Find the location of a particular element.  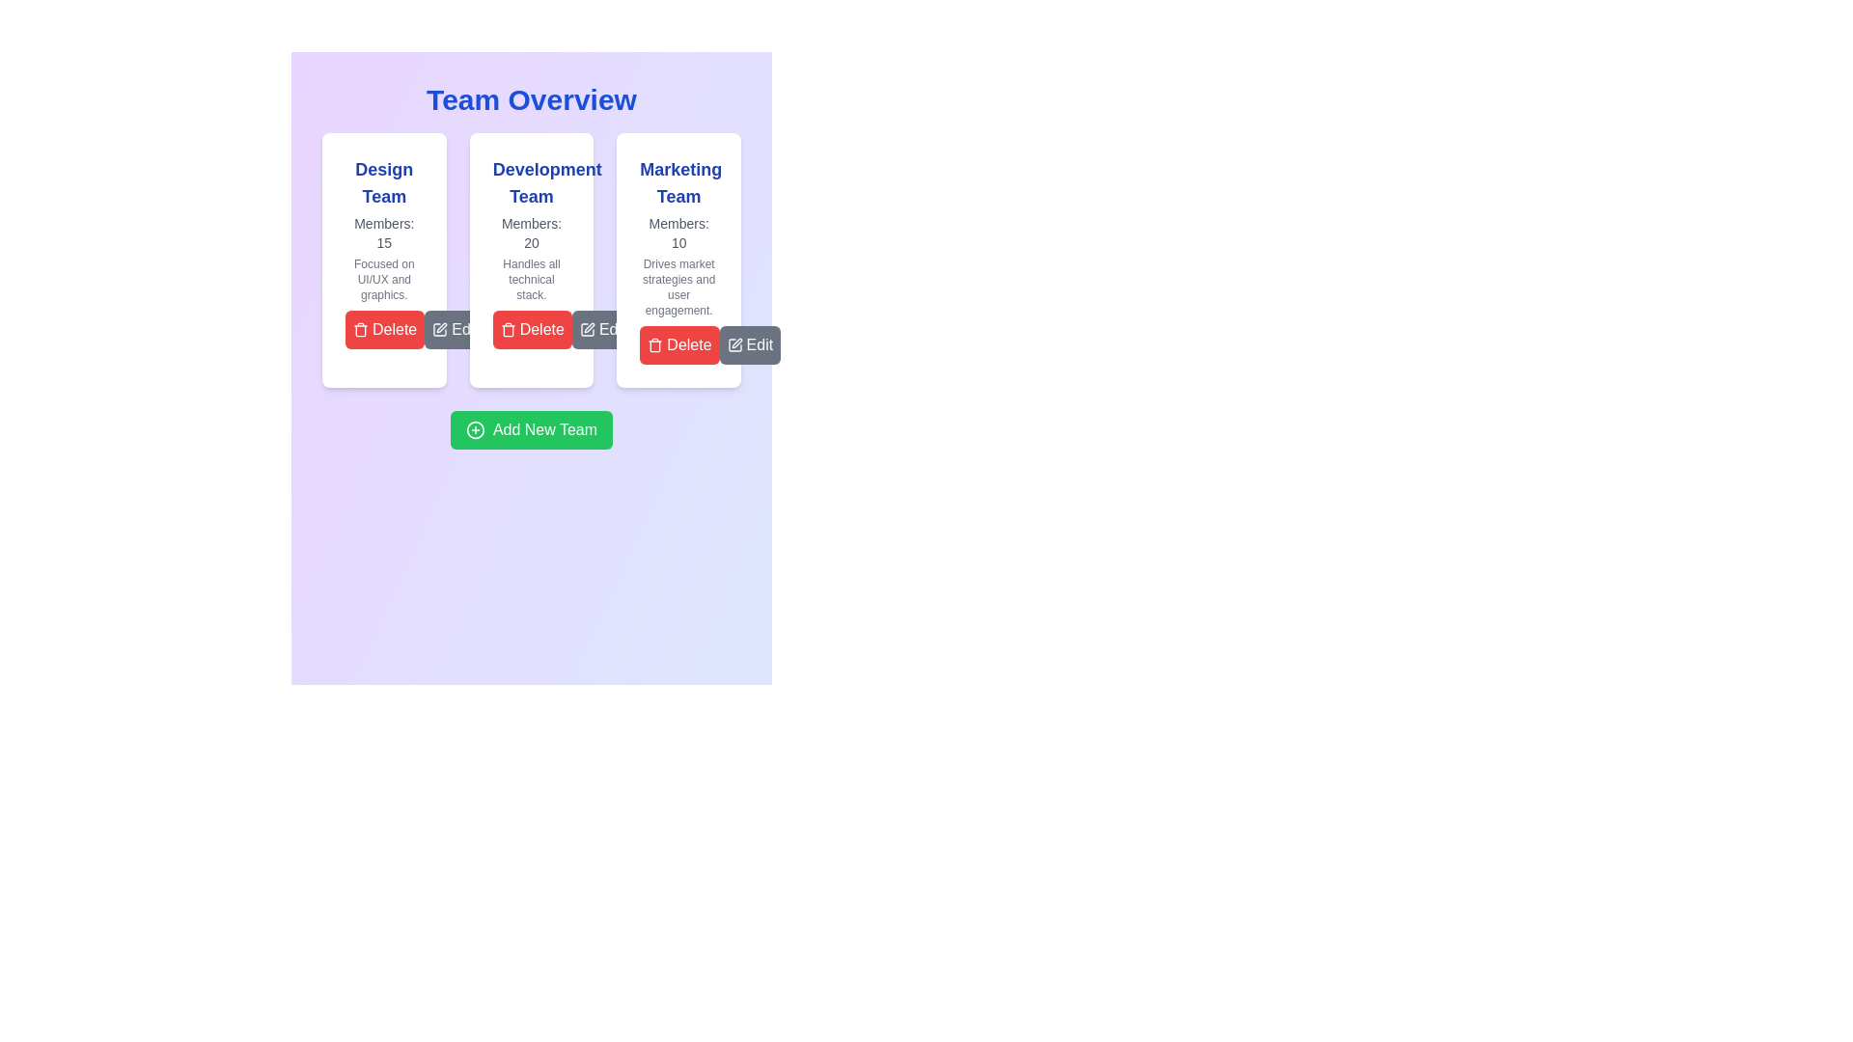

the red 'Delete' button with white text and a trash can icon, located to the left of the gray 'Edit' button in the 'Development Team' card is located at coordinates (532, 329).